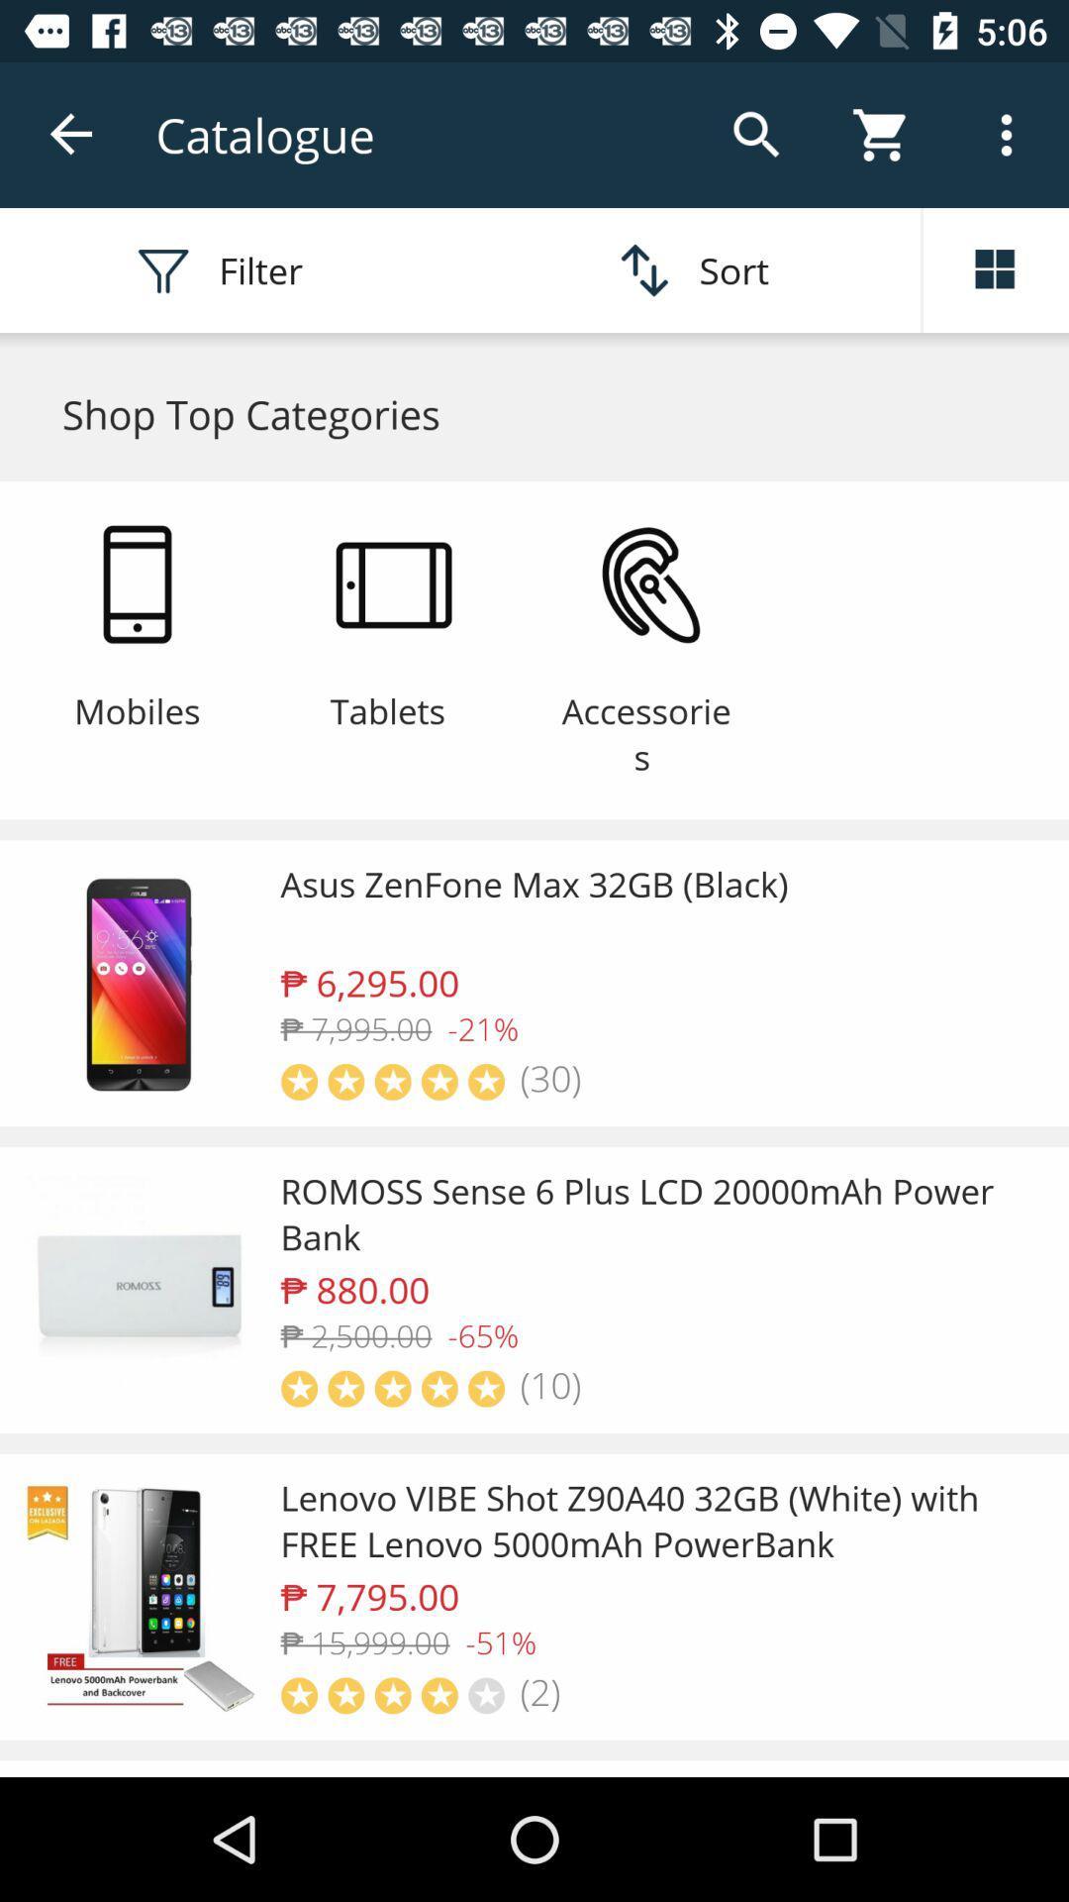 Image resolution: width=1069 pixels, height=1902 pixels. Describe the element at coordinates (996, 269) in the screenshot. I see `change grid view` at that location.